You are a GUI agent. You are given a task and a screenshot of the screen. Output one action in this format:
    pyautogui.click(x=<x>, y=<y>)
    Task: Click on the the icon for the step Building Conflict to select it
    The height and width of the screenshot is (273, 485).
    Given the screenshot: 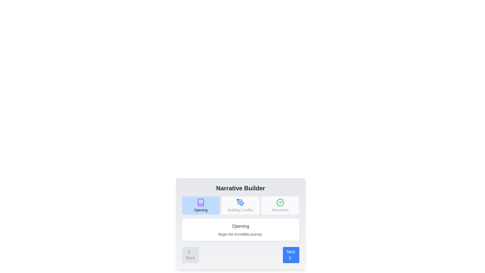 What is the action you would take?
    pyautogui.click(x=240, y=202)
    